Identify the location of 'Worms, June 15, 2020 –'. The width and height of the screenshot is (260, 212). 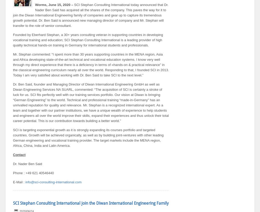
(54, 4).